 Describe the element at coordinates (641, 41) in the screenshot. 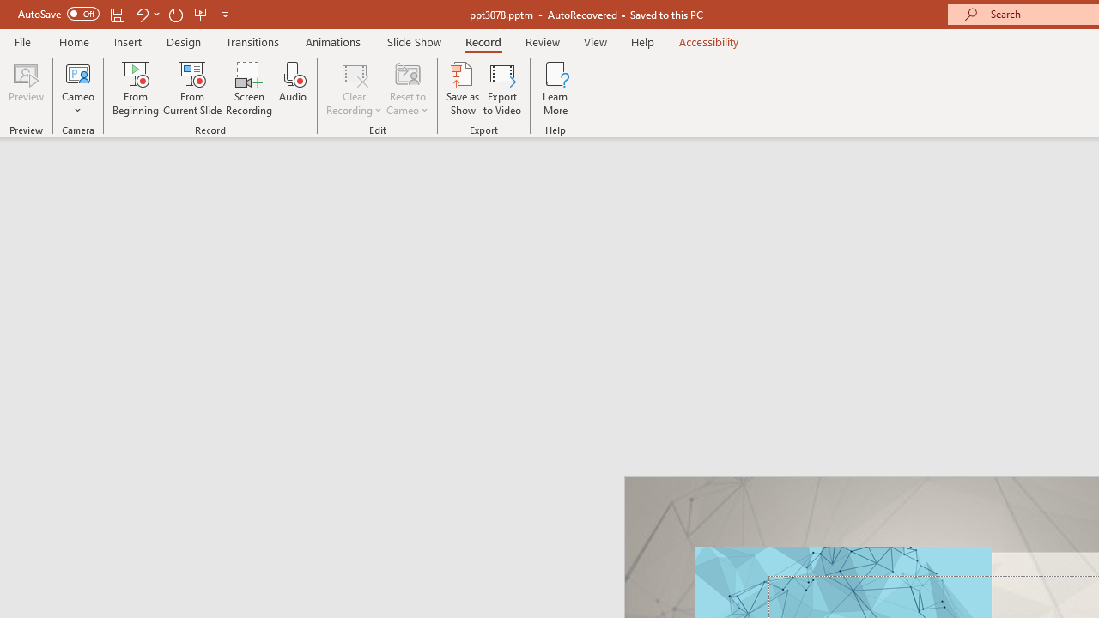

I see `'Help'` at that location.